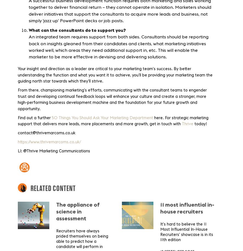 This screenshot has width=243, height=251. Describe the element at coordinates (112, 99) in the screenshot. I see `'From there, championing marketing’s efforts, communicating with the consultant teams to engender trust and developing continual feedback loops will enhance your culture and create a stronger, more high-performing business development machine and the foundation for your future growth and opportunity.'` at that location.